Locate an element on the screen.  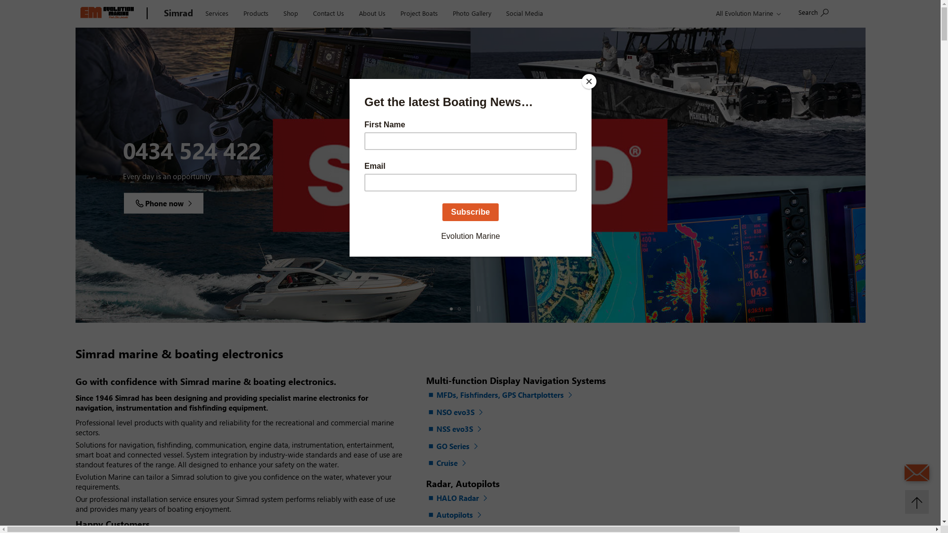
'All Evolution Marine' is located at coordinates (747, 13).